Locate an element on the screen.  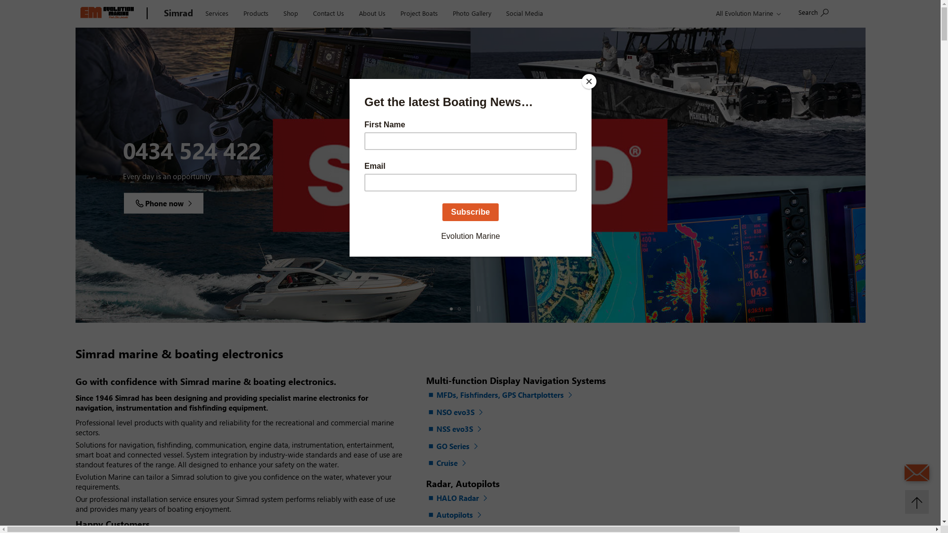
'All Evolution Marine' is located at coordinates (747, 13).